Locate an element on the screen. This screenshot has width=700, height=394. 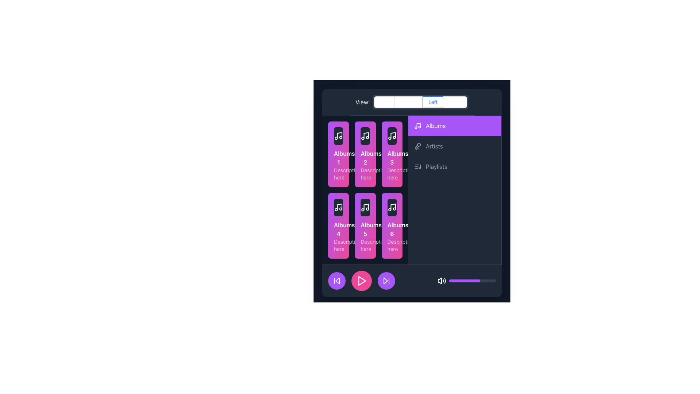
the slider is located at coordinates (469, 281).